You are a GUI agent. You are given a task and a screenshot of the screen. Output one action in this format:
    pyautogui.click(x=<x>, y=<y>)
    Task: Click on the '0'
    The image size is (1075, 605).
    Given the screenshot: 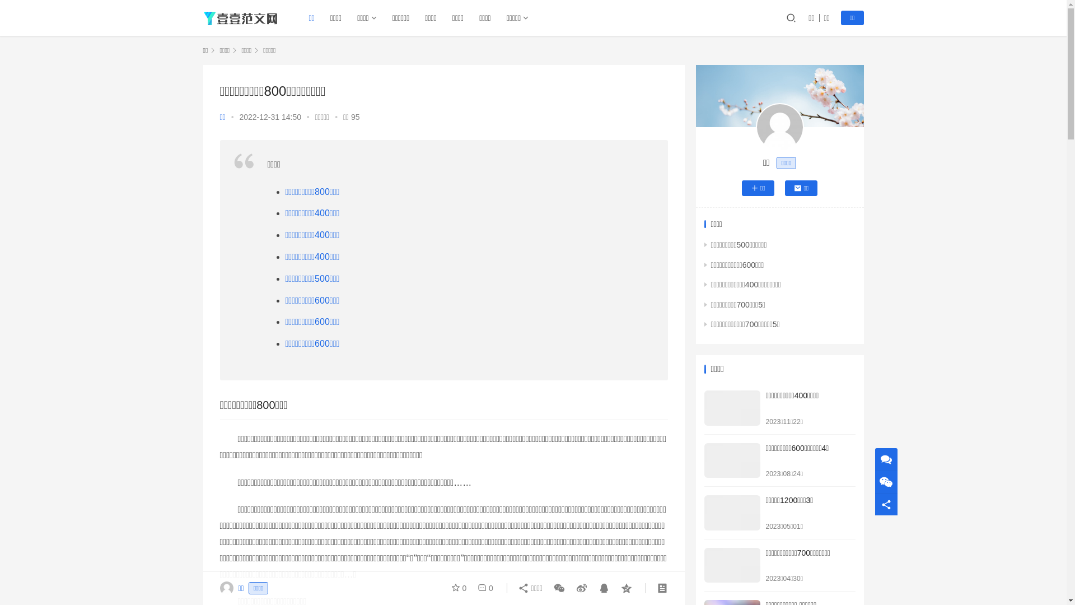 What is the action you would take?
    pyautogui.click(x=461, y=587)
    